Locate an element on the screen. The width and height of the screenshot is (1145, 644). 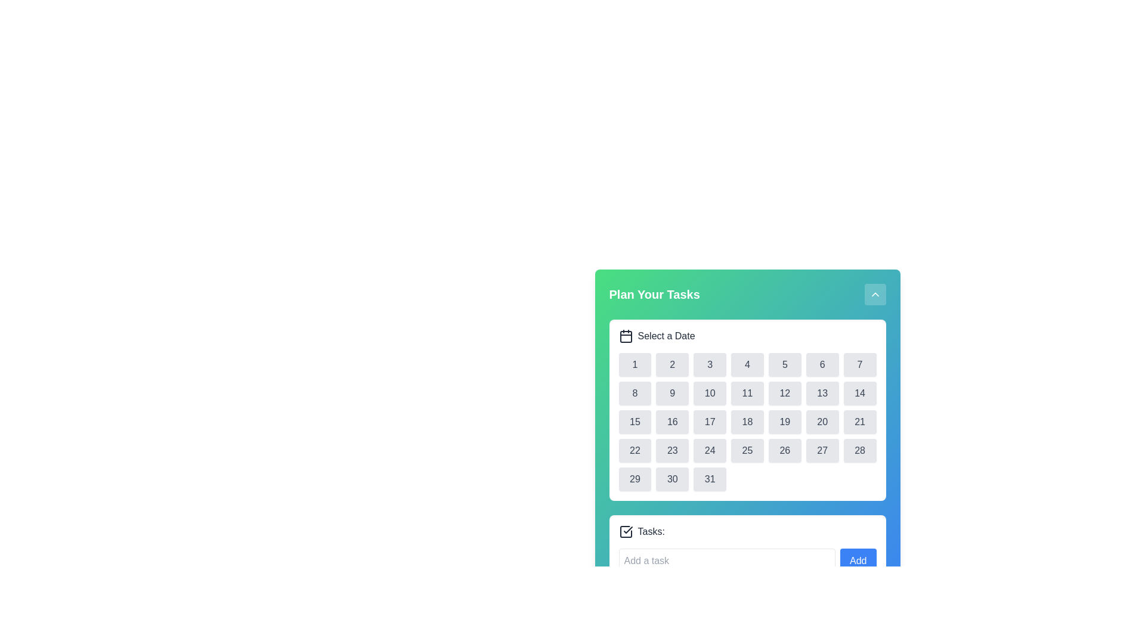
the date button representing '21' in the calendar interface is located at coordinates (860, 422).